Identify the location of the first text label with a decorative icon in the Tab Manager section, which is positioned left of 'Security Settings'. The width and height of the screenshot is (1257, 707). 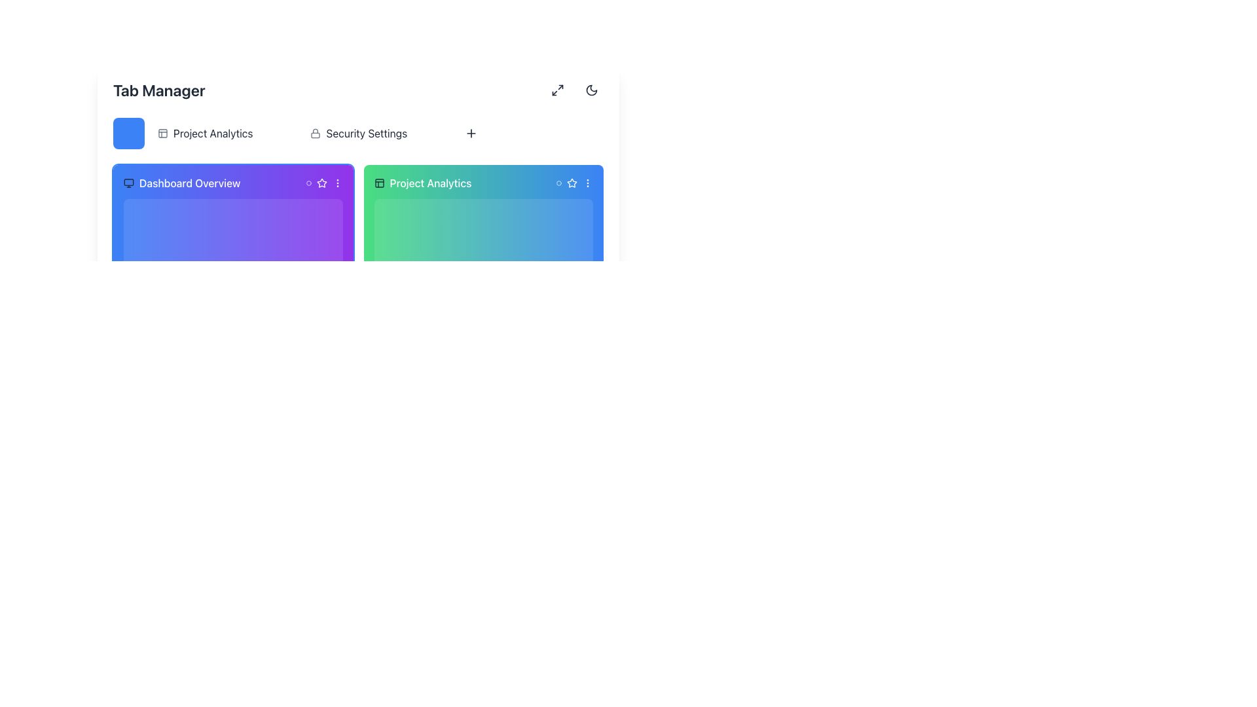
(422, 183).